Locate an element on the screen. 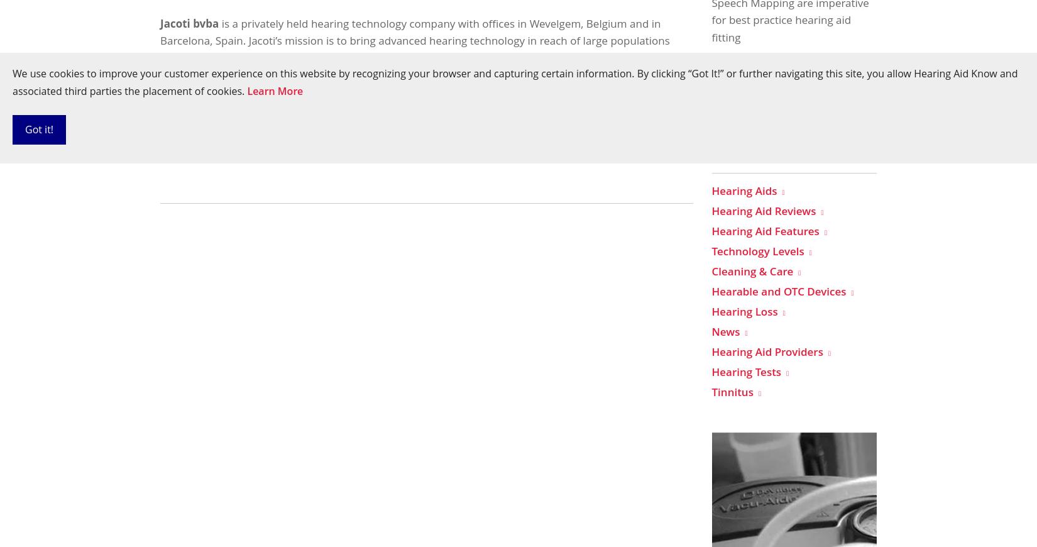 The height and width of the screenshot is (547, 1037). 'http://www.jacoti.com' is located at coordinates (273, 89).